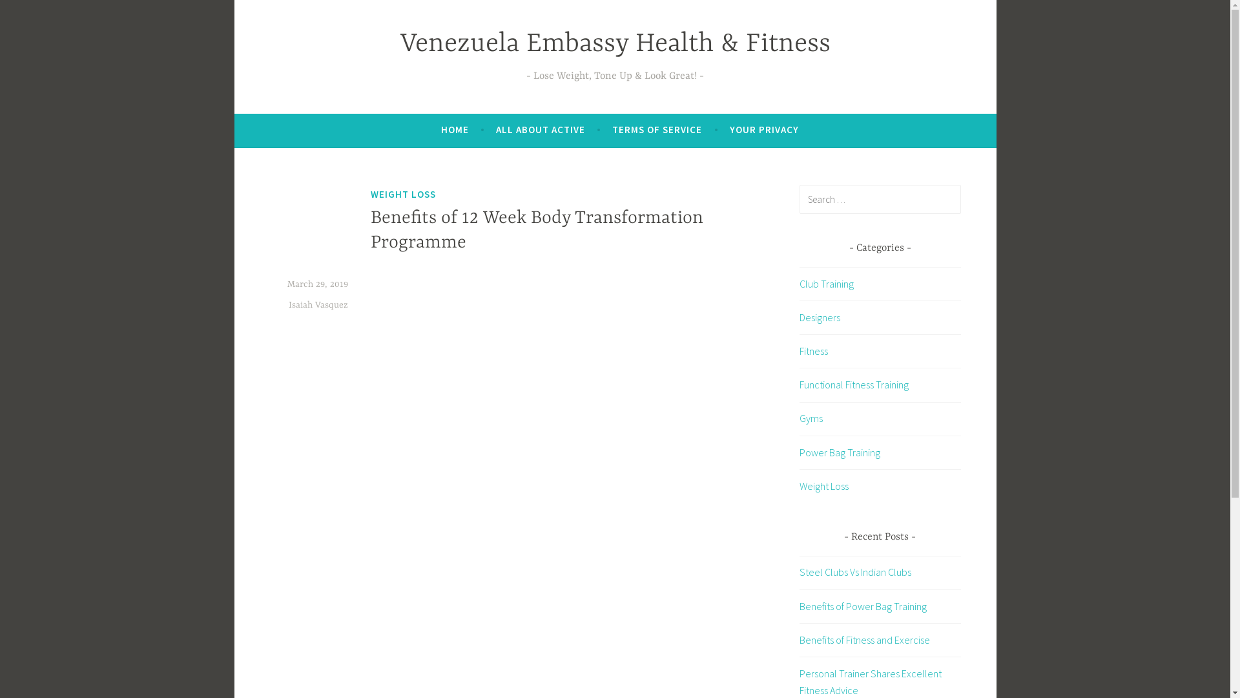  Describe the element at coordinates (764, 129) in the screenshot. I see `'YOUR PRIVACY'` at that location.